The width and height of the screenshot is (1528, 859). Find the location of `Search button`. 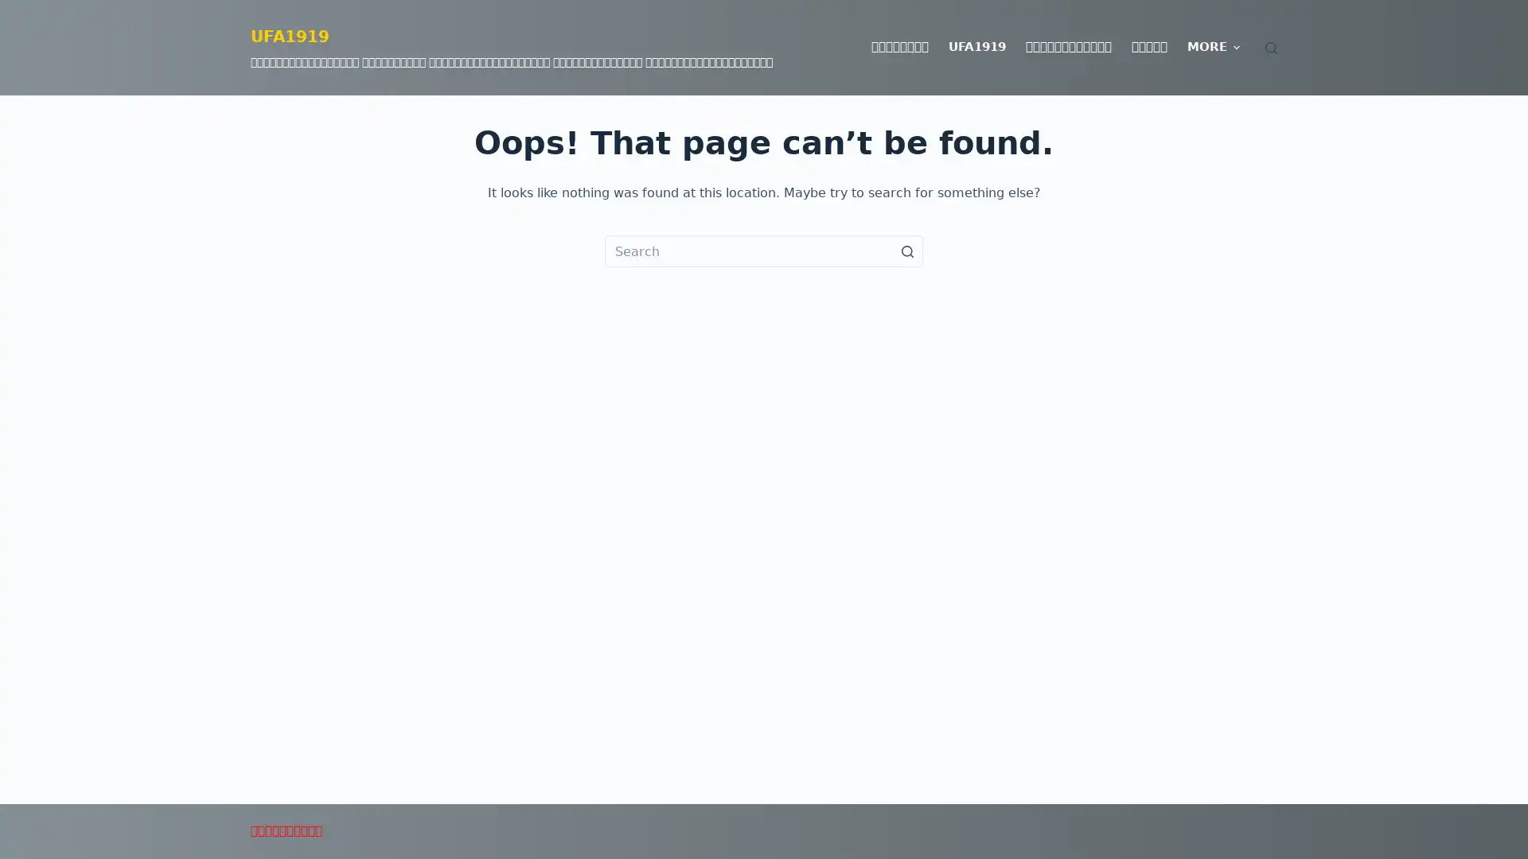

Search button is located at coordinates (907, 251).